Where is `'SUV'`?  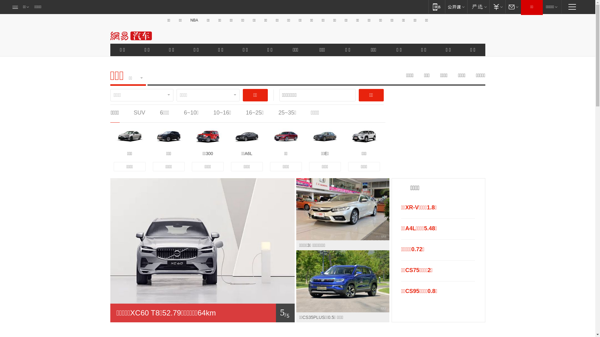
'SUV' is located at coordinates (133, 113).